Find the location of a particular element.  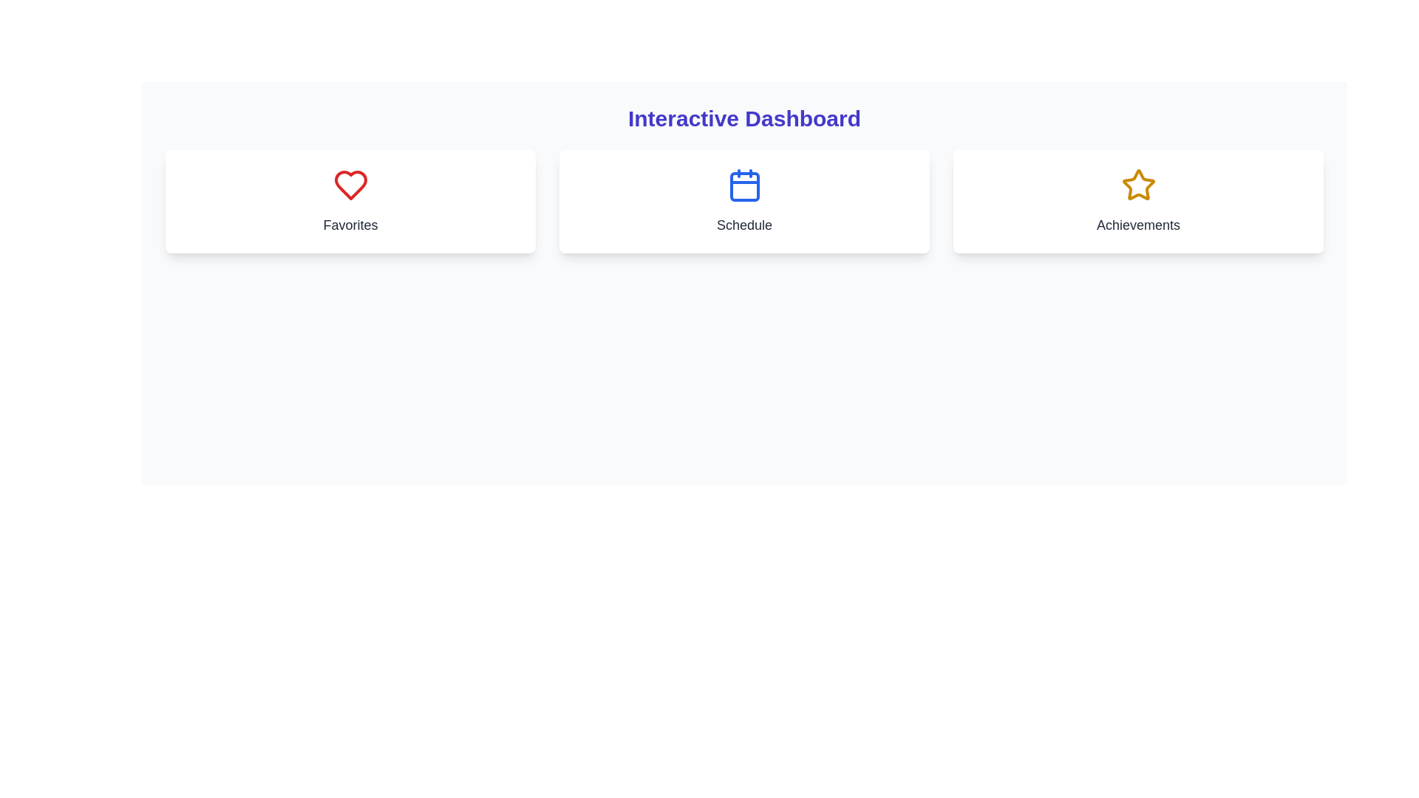

the star icon representing the achievements section, located above the text 'Achievements' in the rightmost part of the row with 'Favorites' and 'Schedule' is located at coordinates (1137, 184).